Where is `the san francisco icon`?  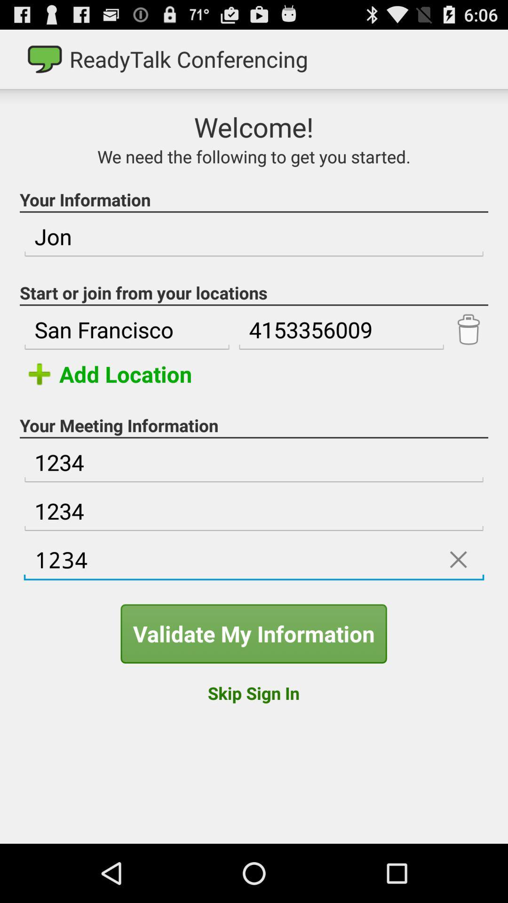 the san francisco icon is located at coordinates (127, 330).